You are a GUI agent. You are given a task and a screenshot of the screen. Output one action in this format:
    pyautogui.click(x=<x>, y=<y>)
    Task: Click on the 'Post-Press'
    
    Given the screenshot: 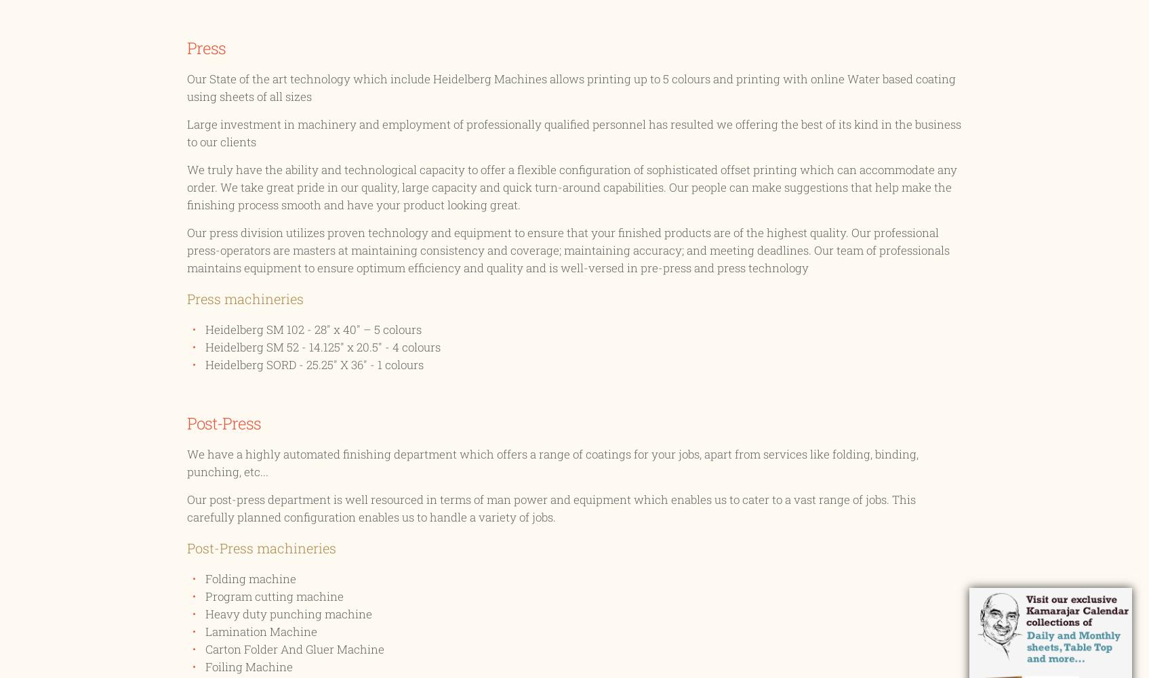 What is the action you would take?
    pyautogui.click(x=186, y=423)
    